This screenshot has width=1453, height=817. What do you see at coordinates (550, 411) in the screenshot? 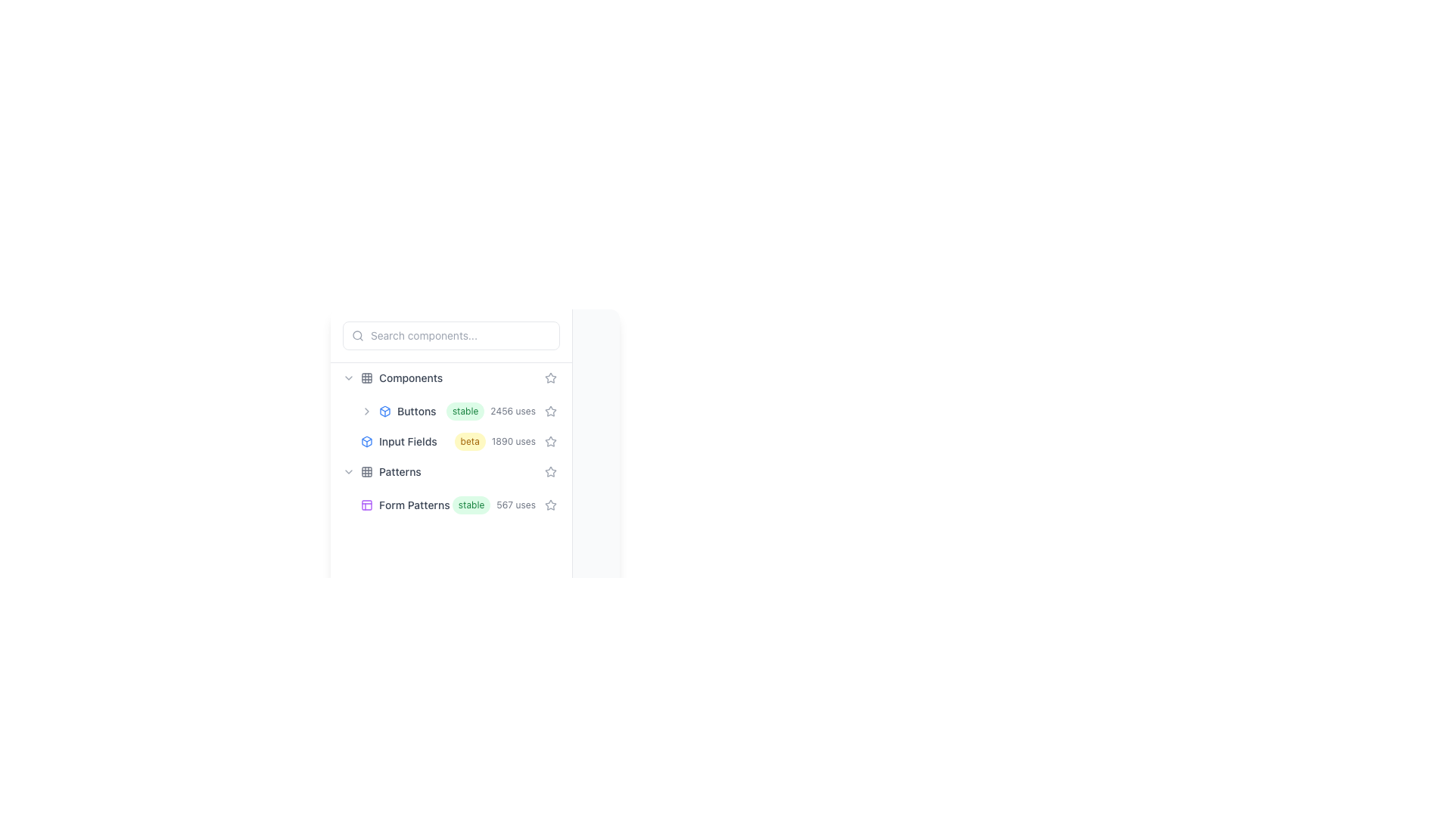
I see `the star icon button at the far right of the 'Buttons' section` at bounding box center [550, 411].